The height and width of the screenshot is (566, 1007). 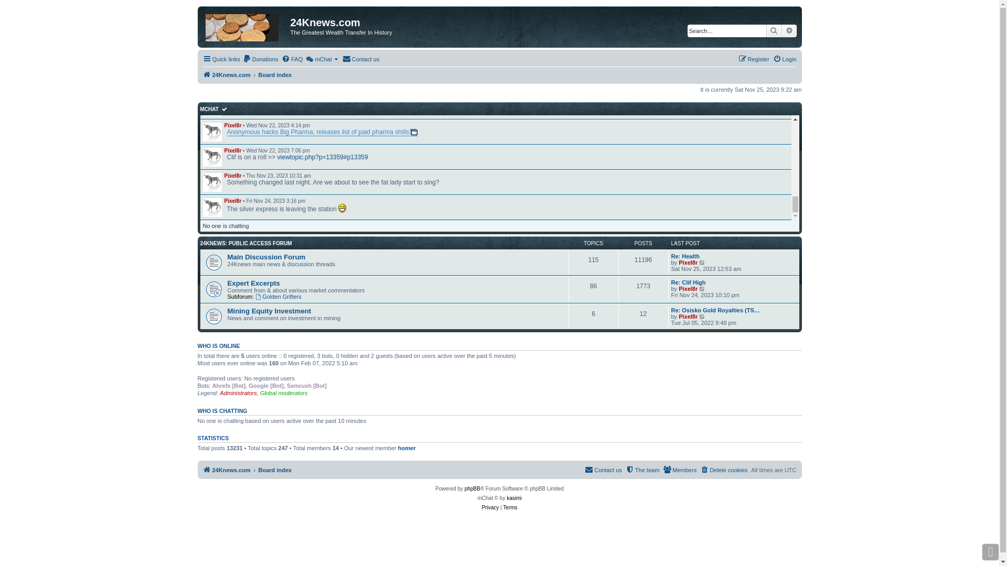 What do you see at coordinates (700, 470) in the screenshot?
I see `'Delete cookies'` at bounding box center [700, 470].